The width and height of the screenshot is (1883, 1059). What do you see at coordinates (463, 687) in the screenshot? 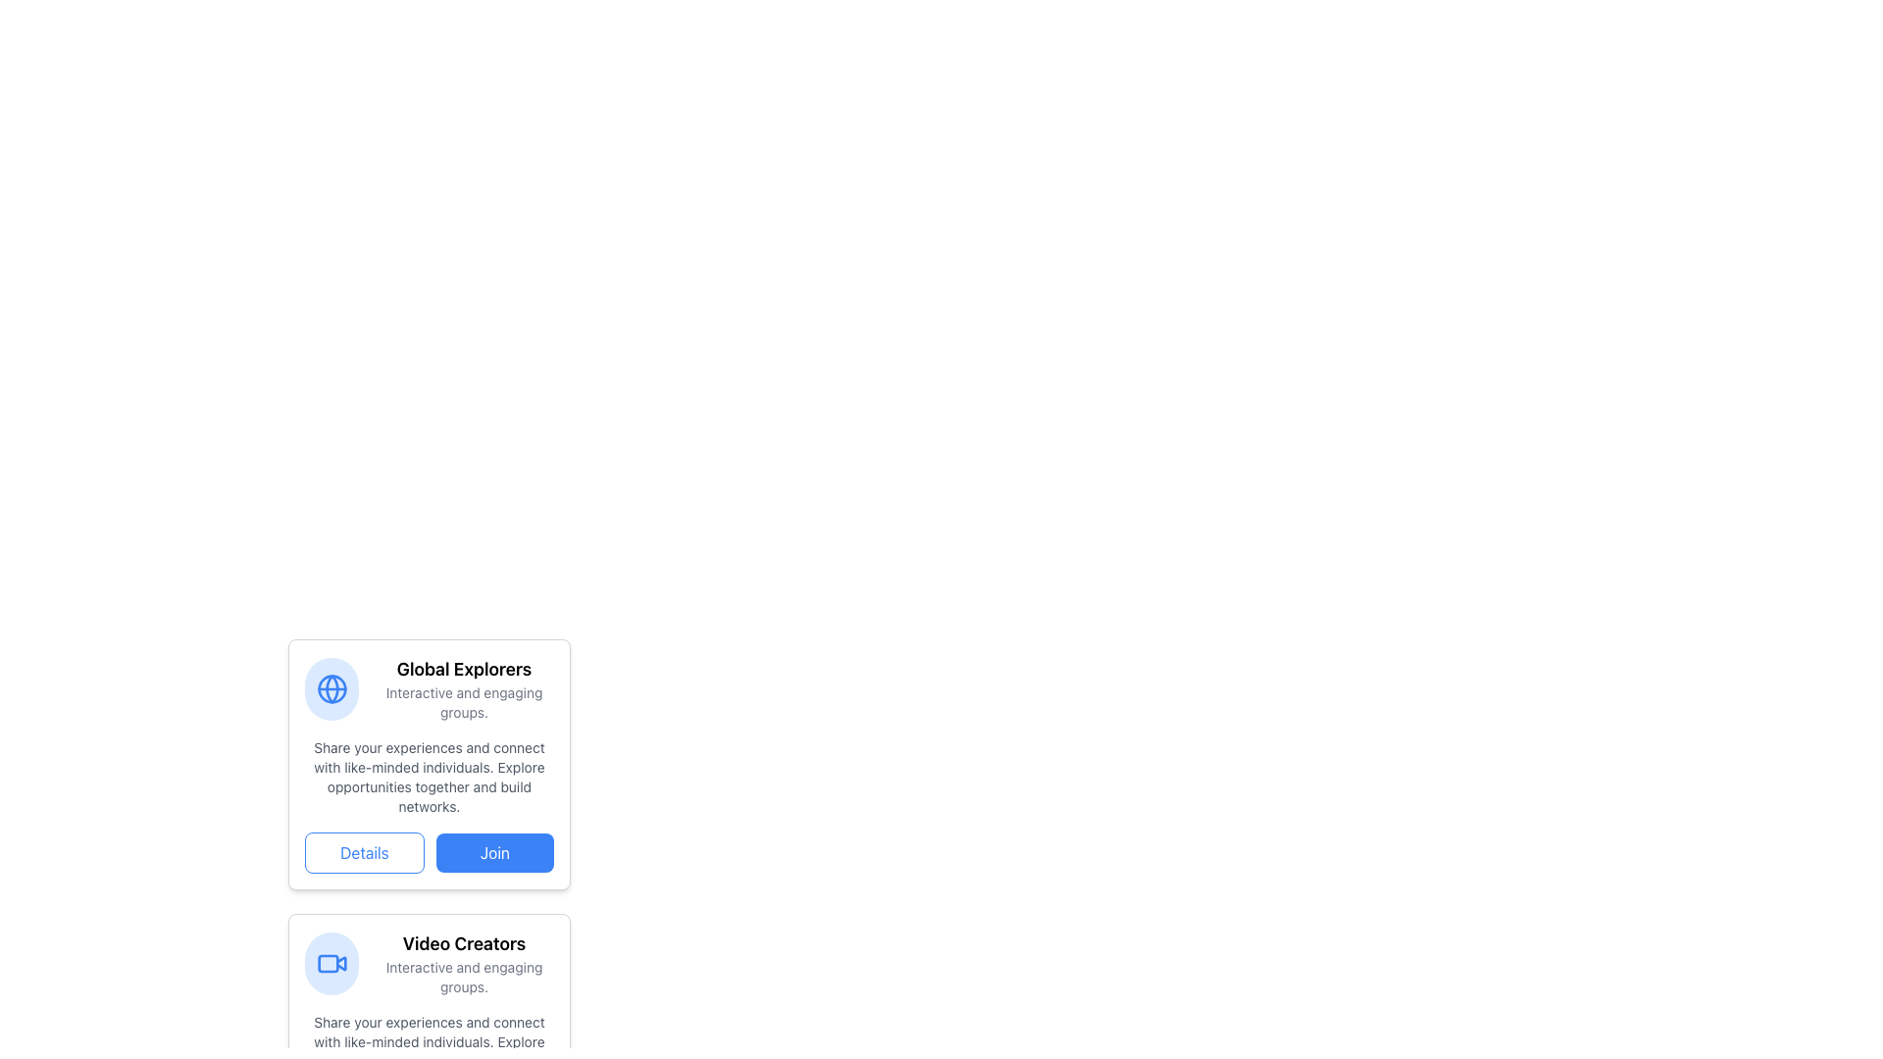
I see `text displayed in the Text Display element which includes 'Global Explorers' in bold and the smaller gray text 'Interactive and engaging groups.'` at bounding box center [463, 687].